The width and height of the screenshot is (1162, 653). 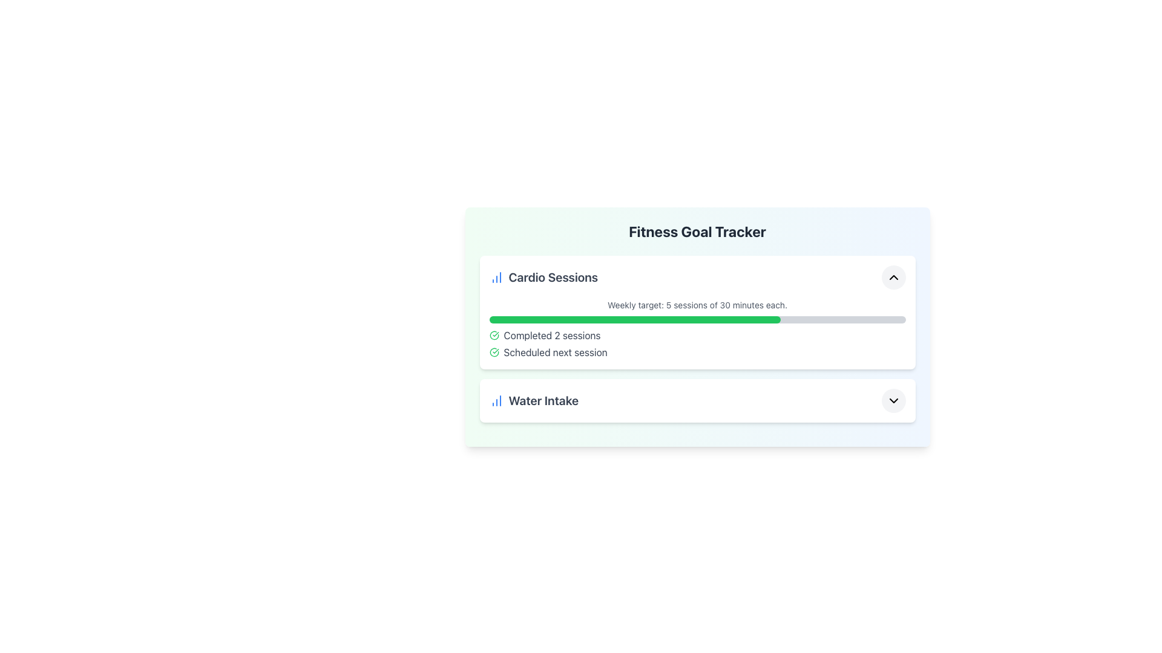 I want to click on the circular button with a light gray background containing a downward-pointing chevron icon, so click(x=893, y=401).